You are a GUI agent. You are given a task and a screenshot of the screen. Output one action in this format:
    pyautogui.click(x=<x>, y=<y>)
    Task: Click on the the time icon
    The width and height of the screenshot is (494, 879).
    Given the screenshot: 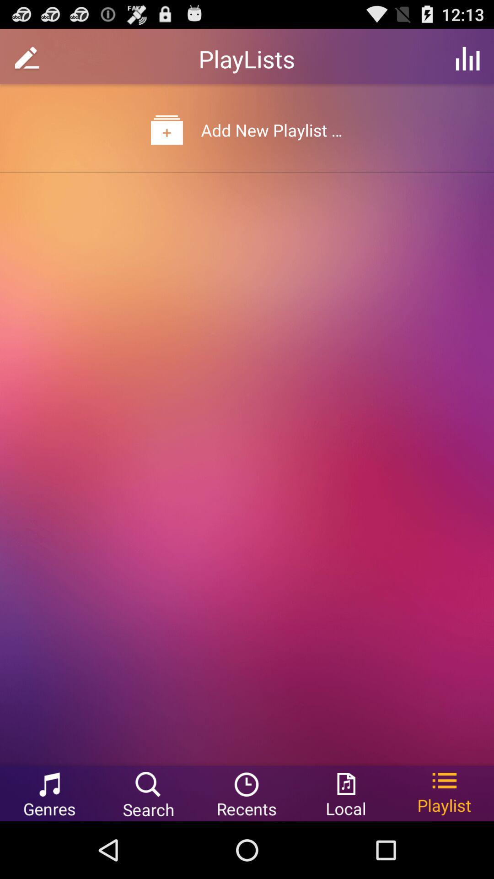 What is the action you would take?
    pyautogui.click(x=247, y=849)
    